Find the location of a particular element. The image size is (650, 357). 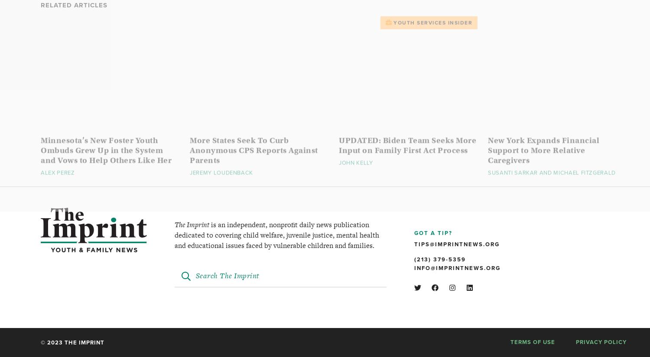

'More States Seek To Curb Anonymous CPS Reports Against Parents' is located at coordinates (253, 168).